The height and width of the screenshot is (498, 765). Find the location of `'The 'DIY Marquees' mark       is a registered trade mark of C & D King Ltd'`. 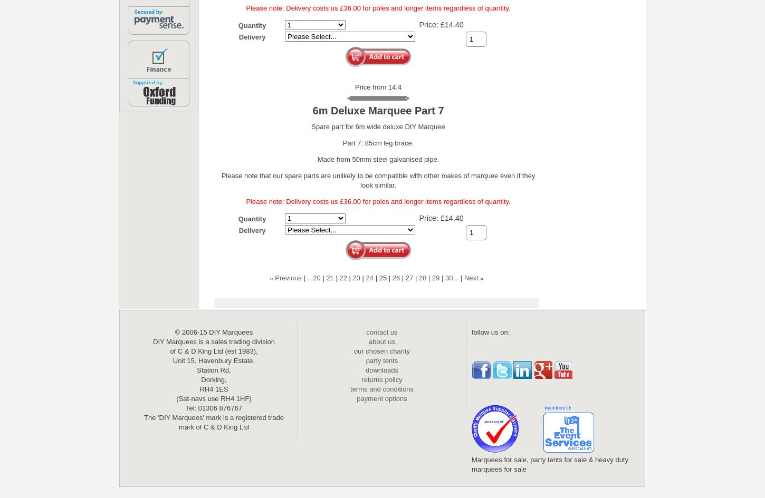

'The 'DIY Marquees' mark       is a registered trade mark of C & D King Ltd' is located at coordinates (213, 422).